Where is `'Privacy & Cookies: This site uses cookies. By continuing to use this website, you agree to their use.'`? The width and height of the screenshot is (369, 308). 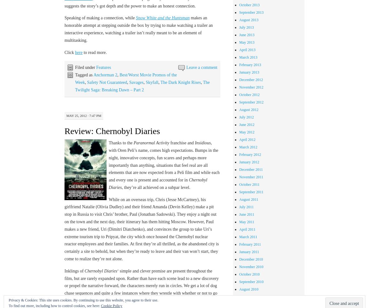
'Privacy & Cookies: This site uses cookies. By continuing to use this website, you agree to their use.' is located at coordinates (83, 300).